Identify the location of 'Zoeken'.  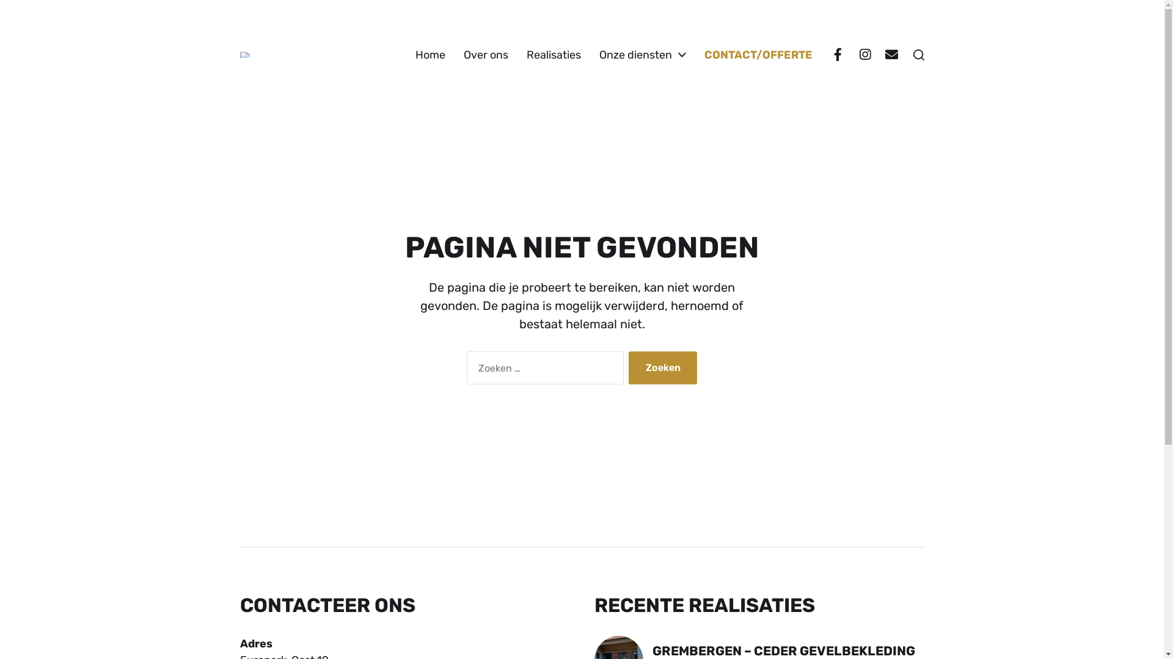
(628, 367).